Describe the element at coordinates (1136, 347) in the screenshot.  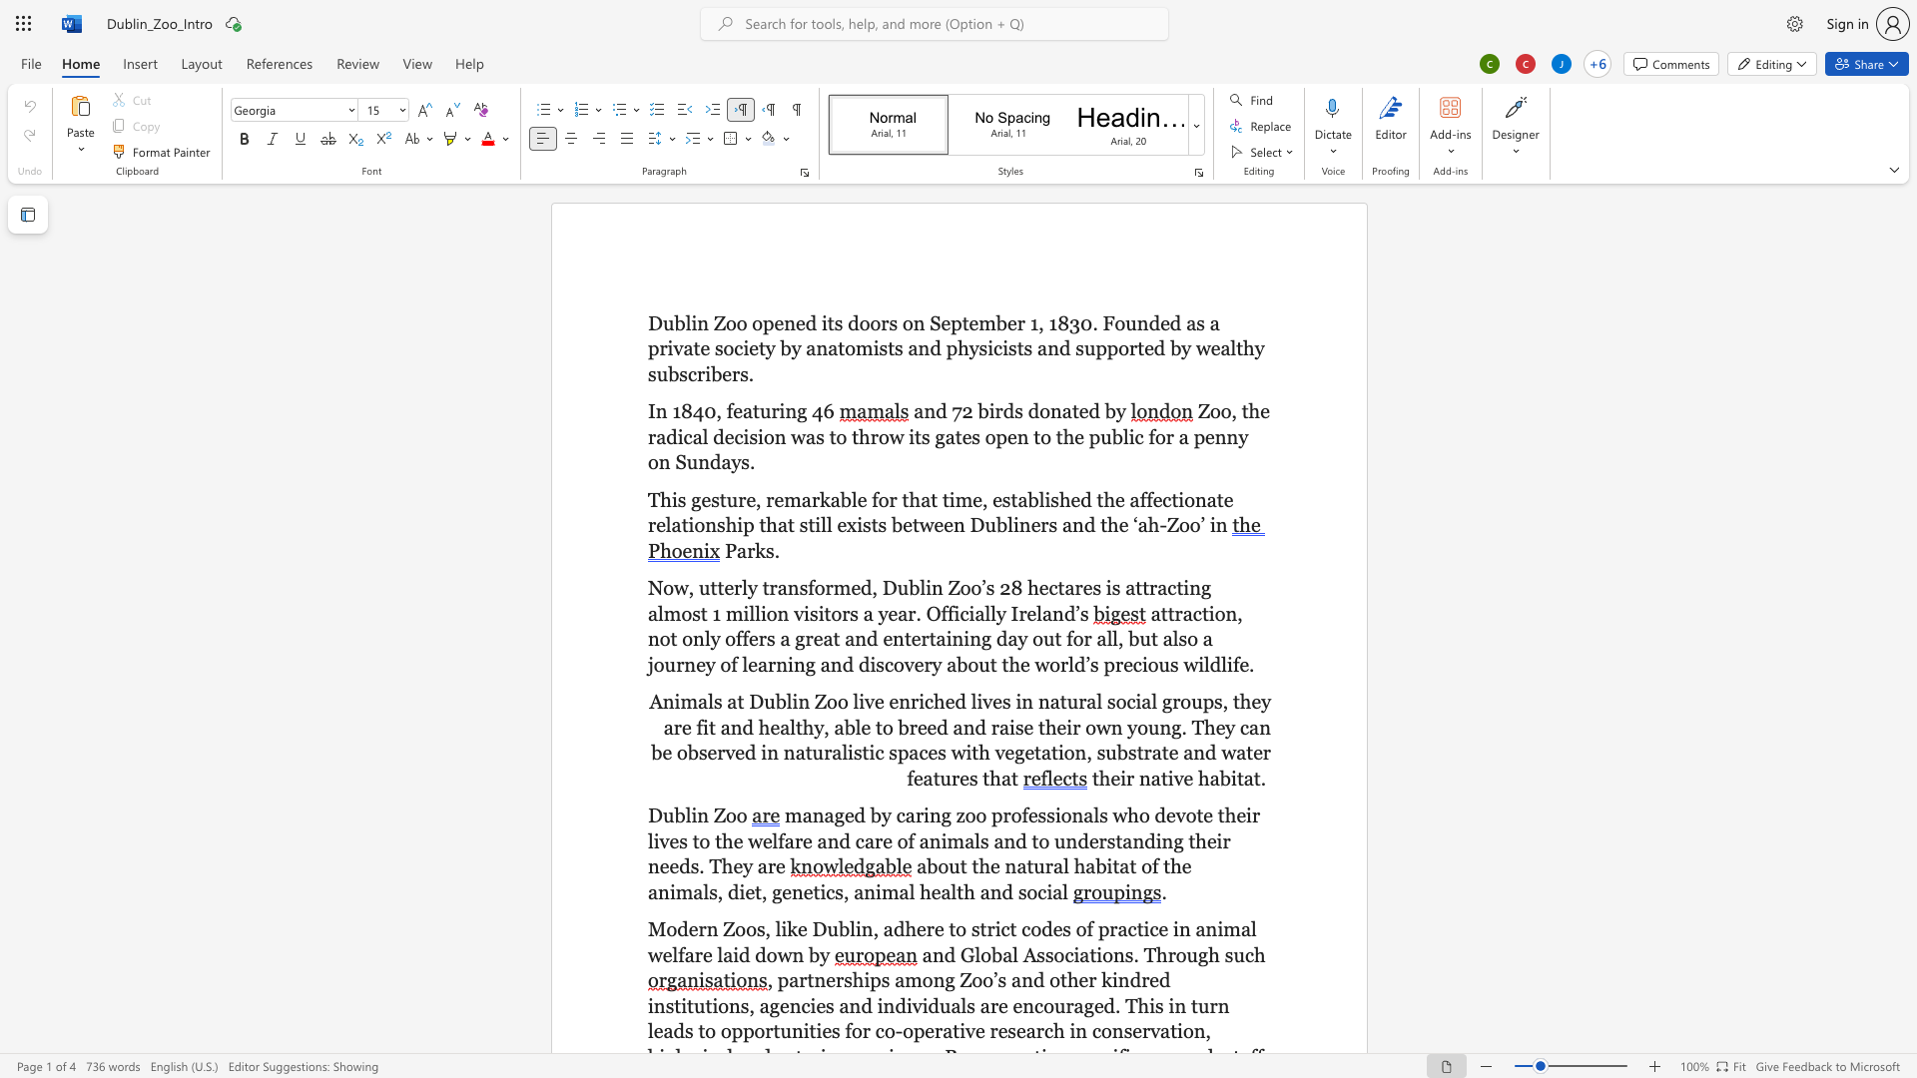
I see `the space between the continuous character "r" and "t" in the text` at that location.